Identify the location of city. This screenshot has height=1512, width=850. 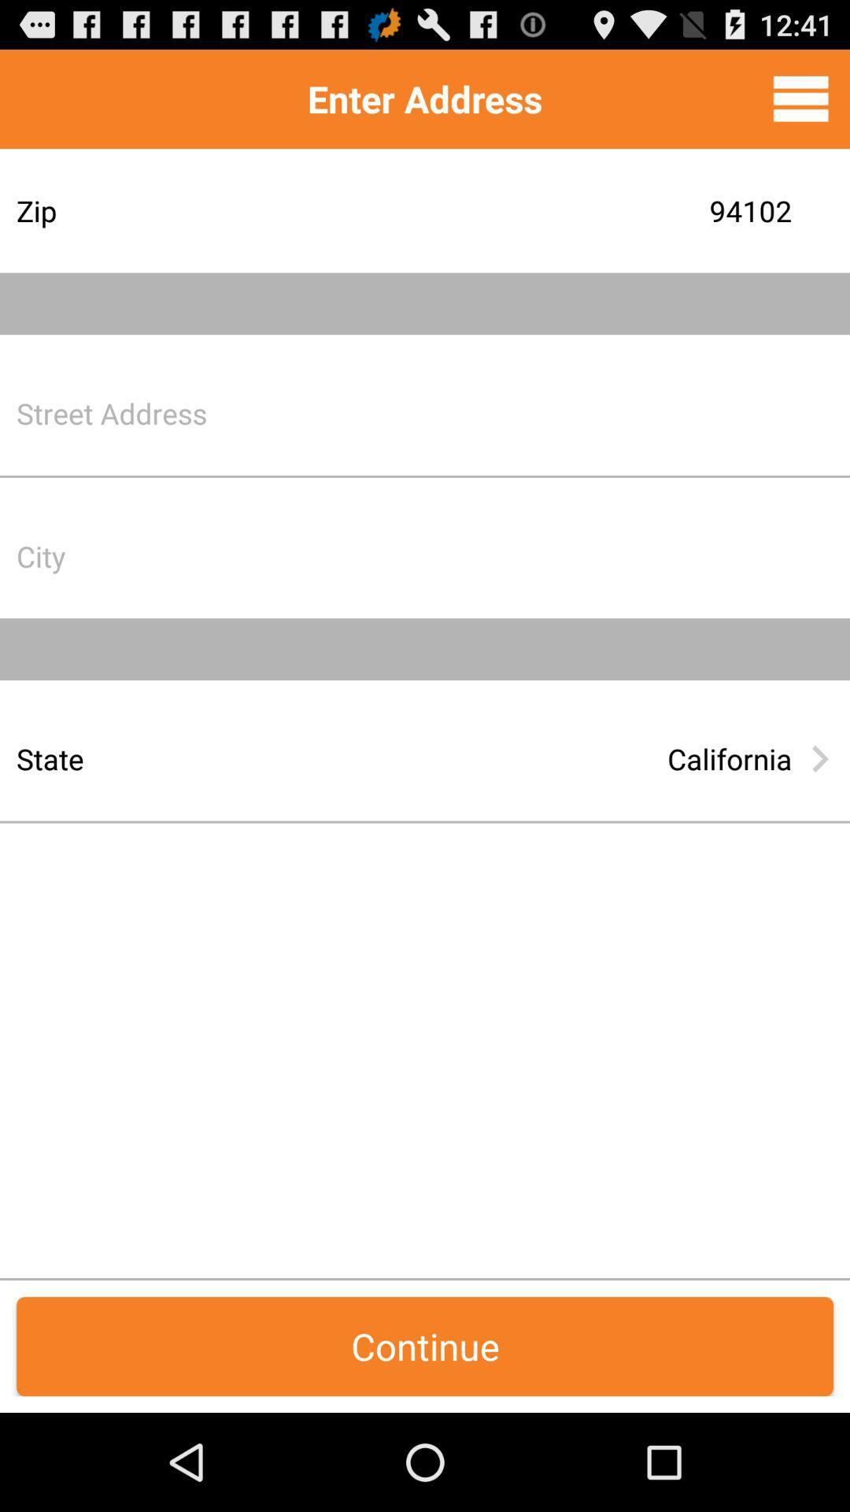
(546, 556).